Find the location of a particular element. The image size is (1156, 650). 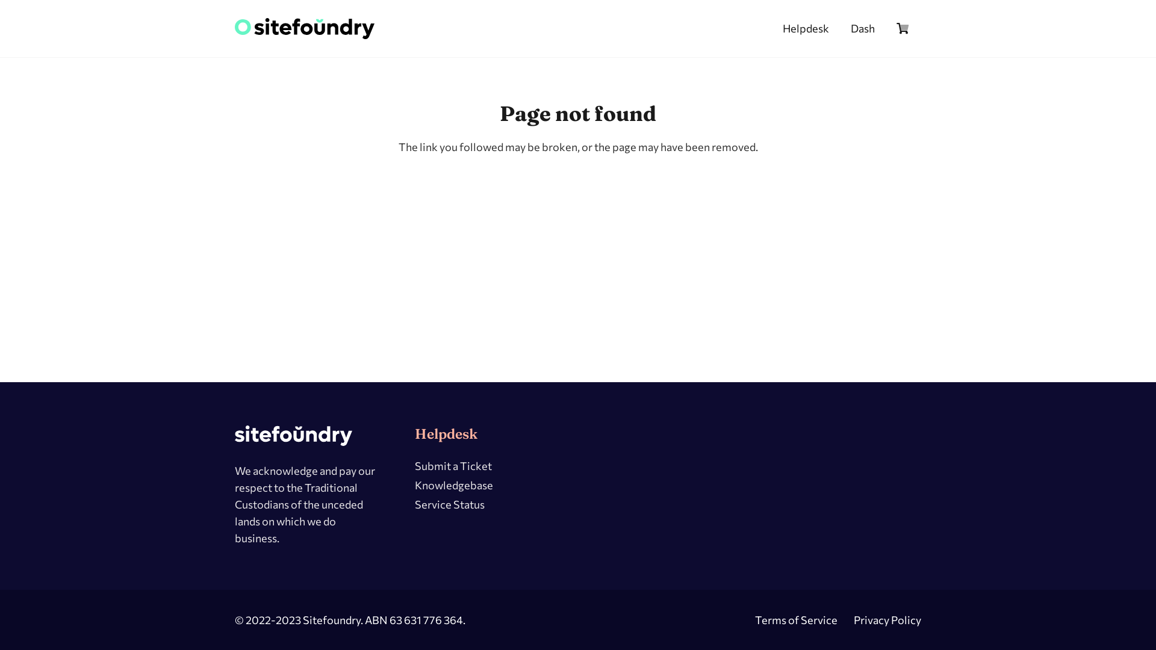

'Terms of Service' is located at coordinates (796, 619).